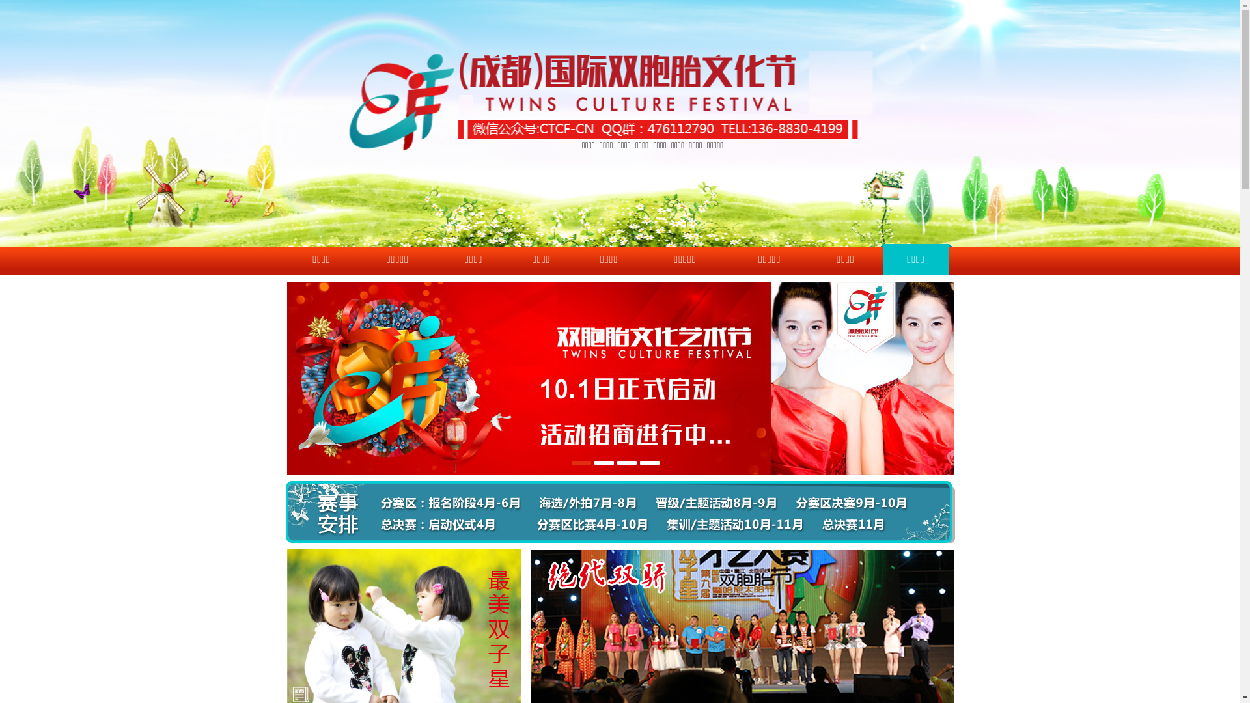 The width and height of the screenshot is (1250, 703). What do you see at coordinates (650, 462) in the screenshot?
I see `'4'` at bounding box center [650, 462].